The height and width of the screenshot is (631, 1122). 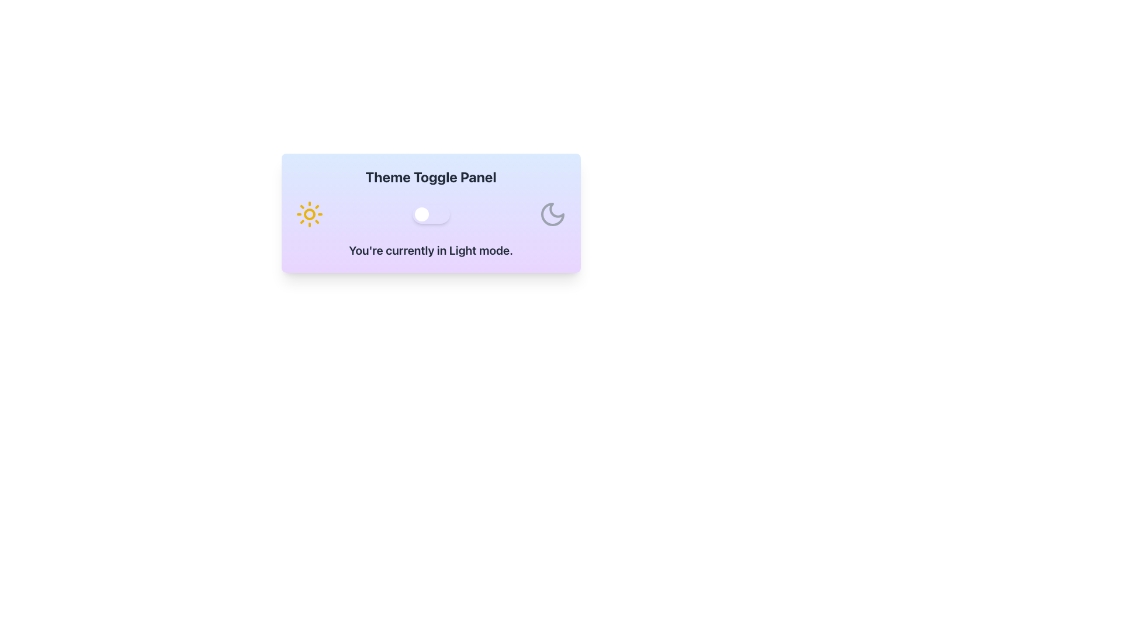 I want to click on the toggle switch in the theme toggle panel to change the theme mode from light to dark or vice versa, so click(x=430, y=213).